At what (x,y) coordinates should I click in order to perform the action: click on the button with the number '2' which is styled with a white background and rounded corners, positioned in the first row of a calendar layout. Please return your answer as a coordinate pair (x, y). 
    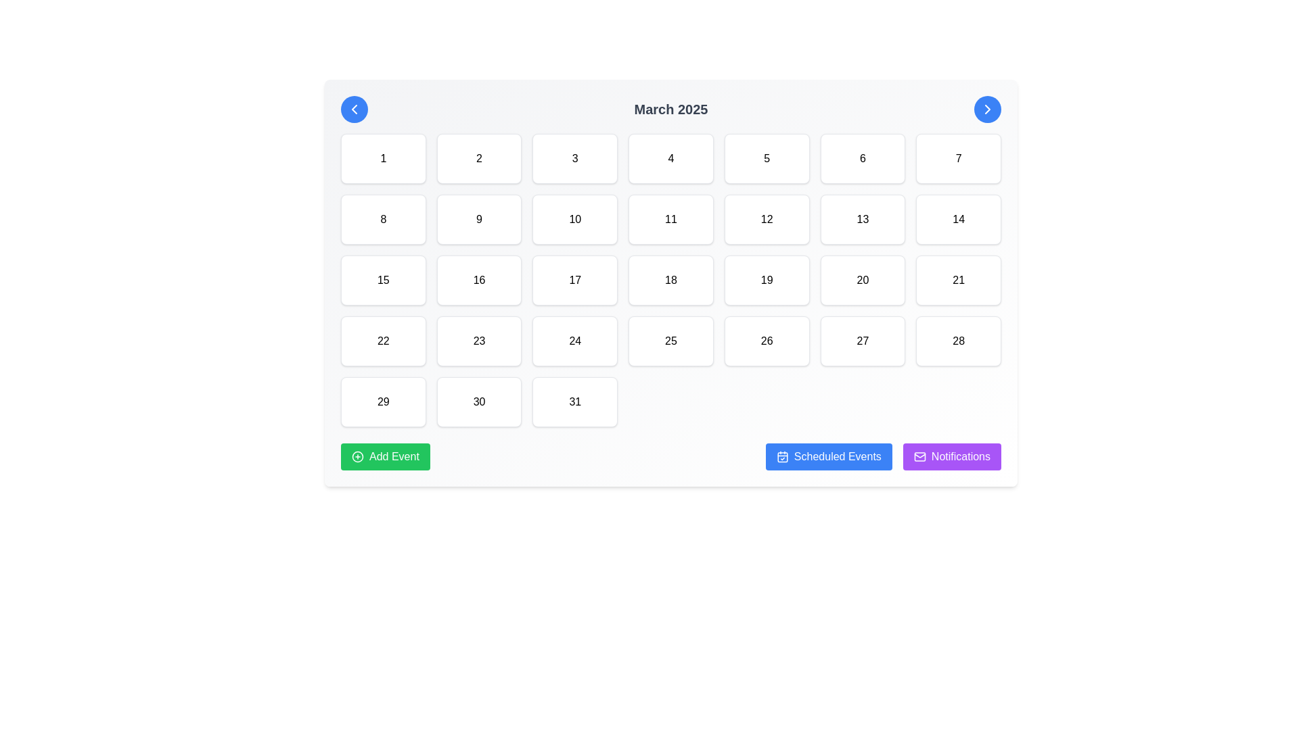
    Looking at the image, I should click on (479, 158).